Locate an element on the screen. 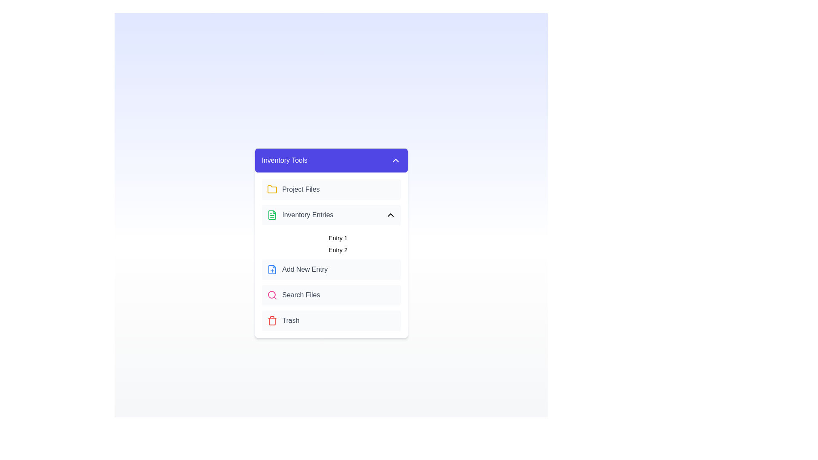 The width and height of the screenshot is (818, 460). the trash icon, which represents the delete action and is located at the bottom of the vertical menu is located at coordinates (271, 322).